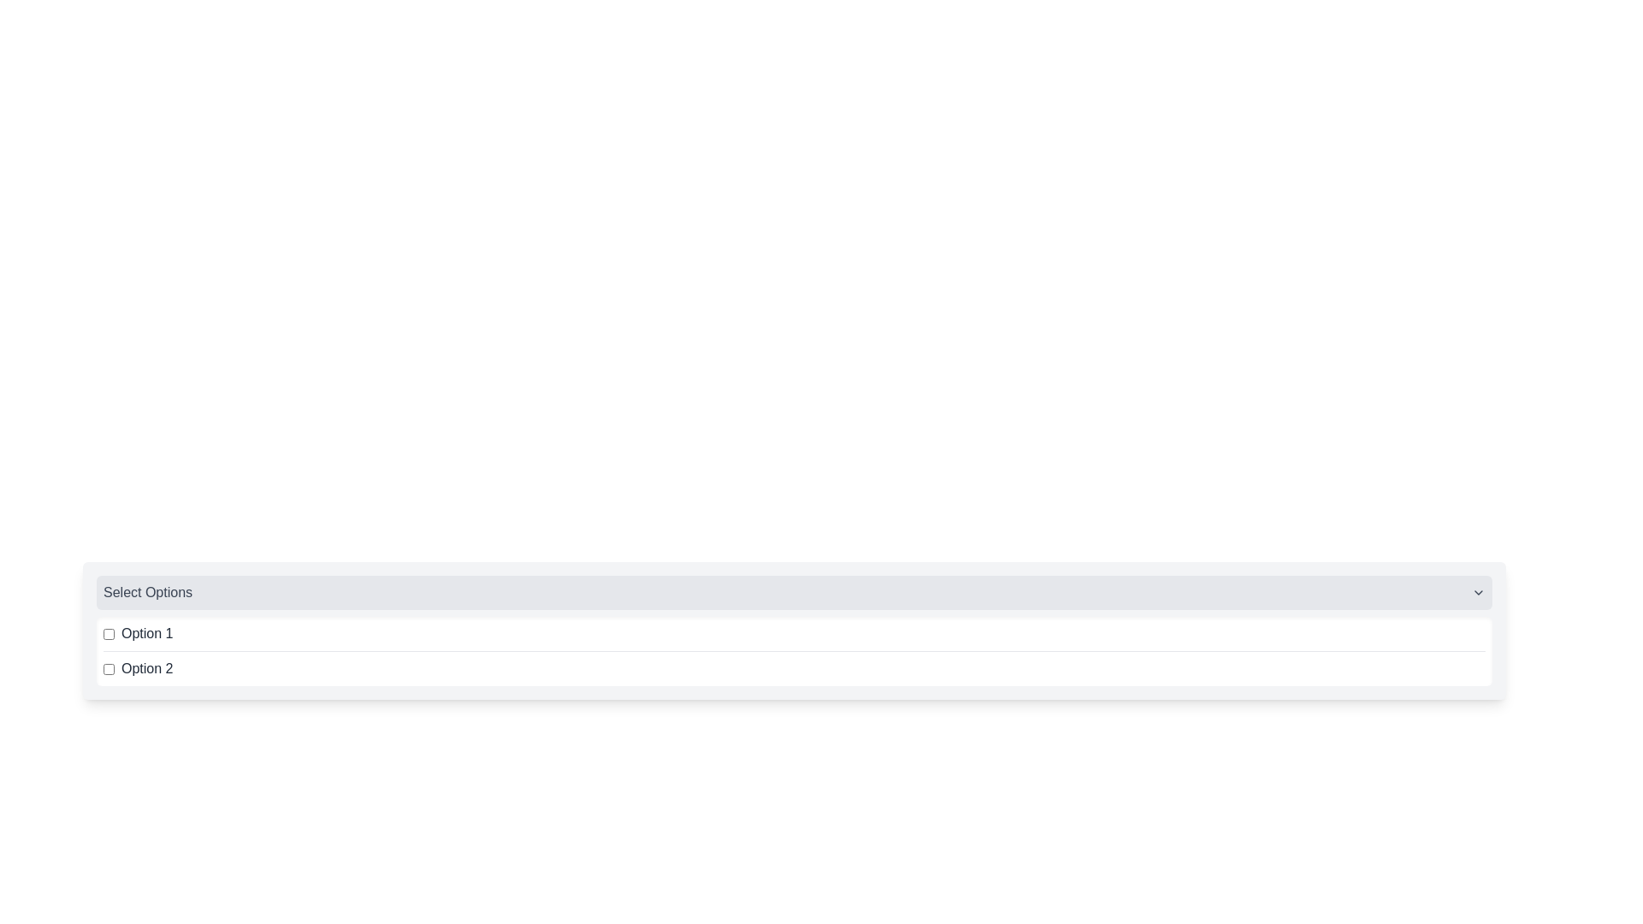  Describe the element at coordinates (147, 633) in the screenshot. I see `the text label 'Option 1' which describes the adjacent checkbox` at that location.